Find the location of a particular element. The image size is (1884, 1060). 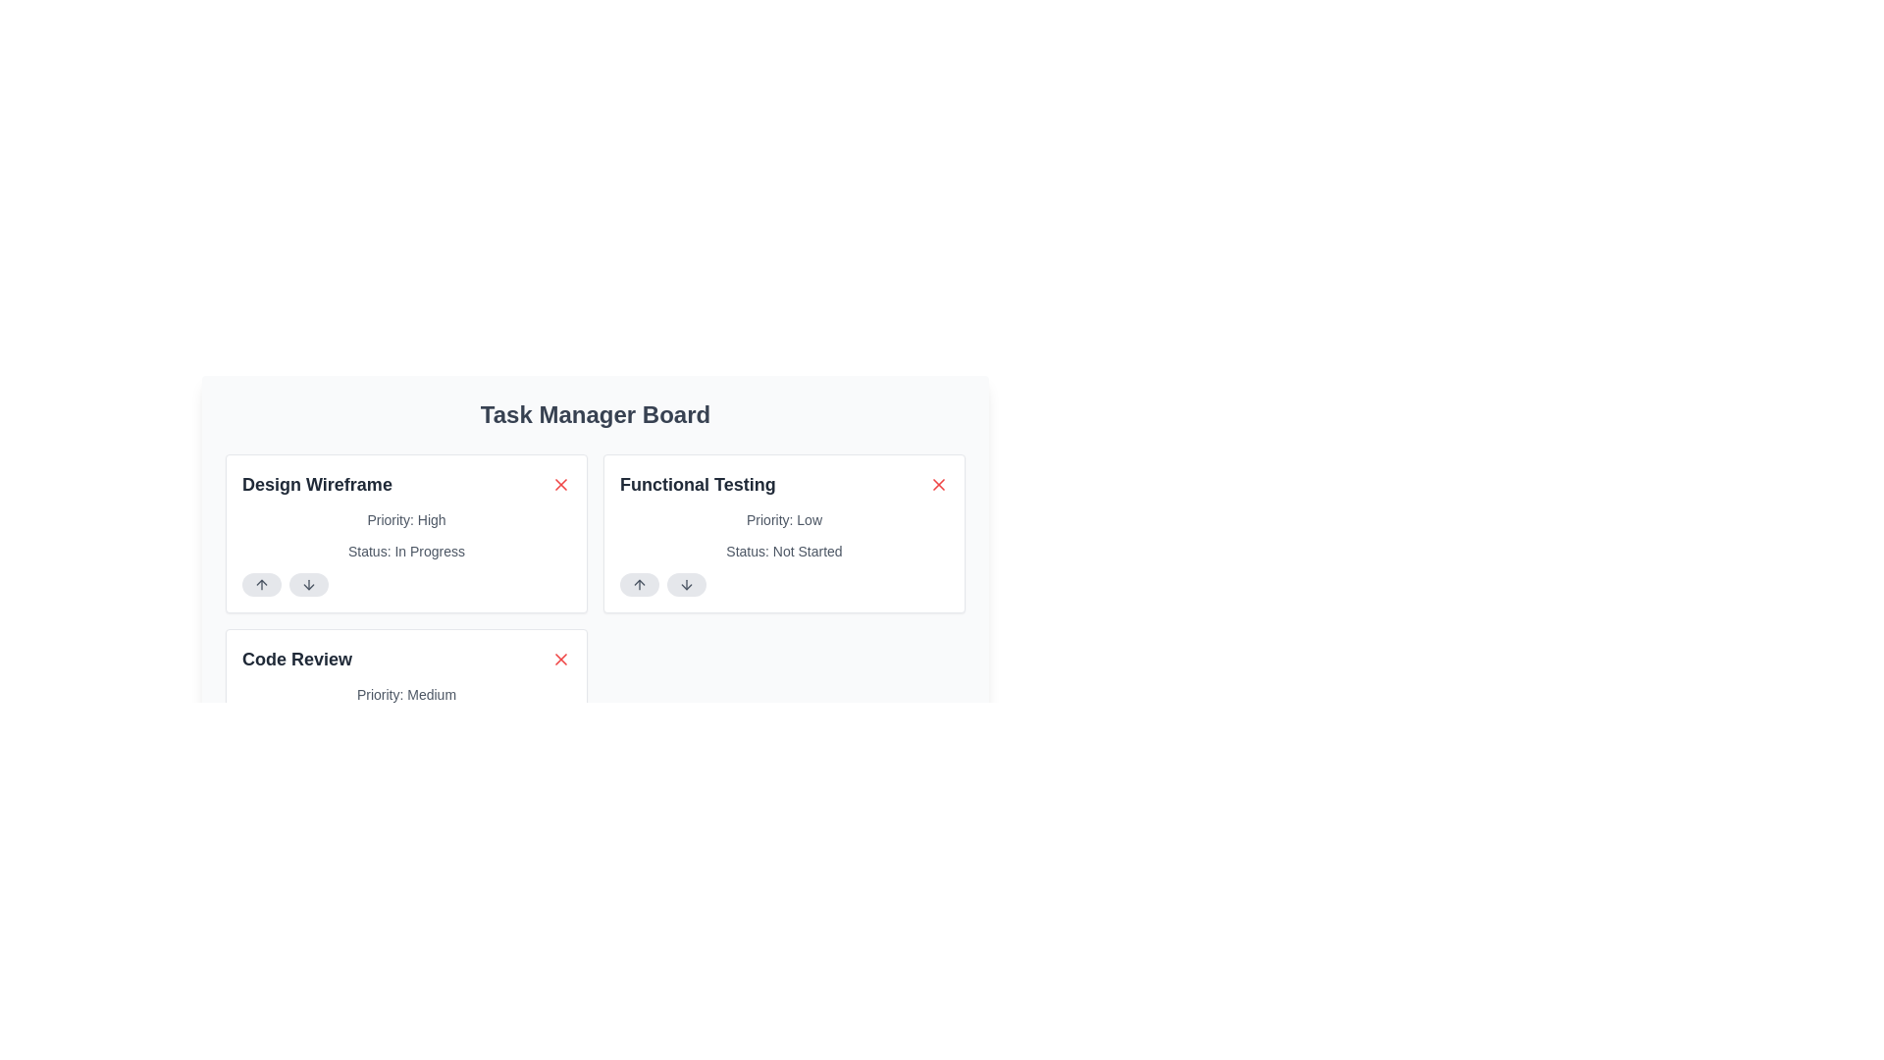

the static text label displaying 'Functional Testing' in bold and larger font size, styled with a grayish-black color, located in the top-right card of the Task Manager Board is located at coordinates (698, 484).